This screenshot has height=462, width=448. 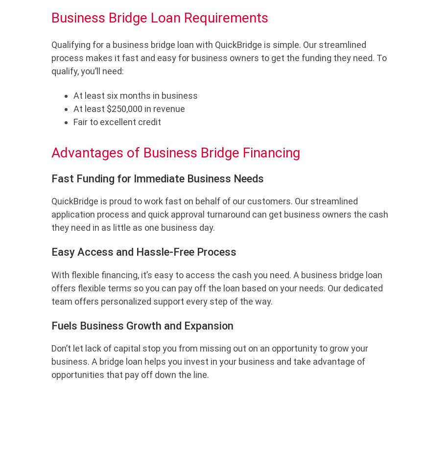 What do you see at coordinates (117, 121) in the screenshot?
I see `'Fair to excellent credit'` at bounding box center [117, 121].